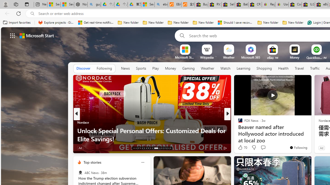 This screenshot has height=185, width=330. Describe the element at coordinates (207, 57) in the screenshot. I see `'Wikipedia'` at that location.